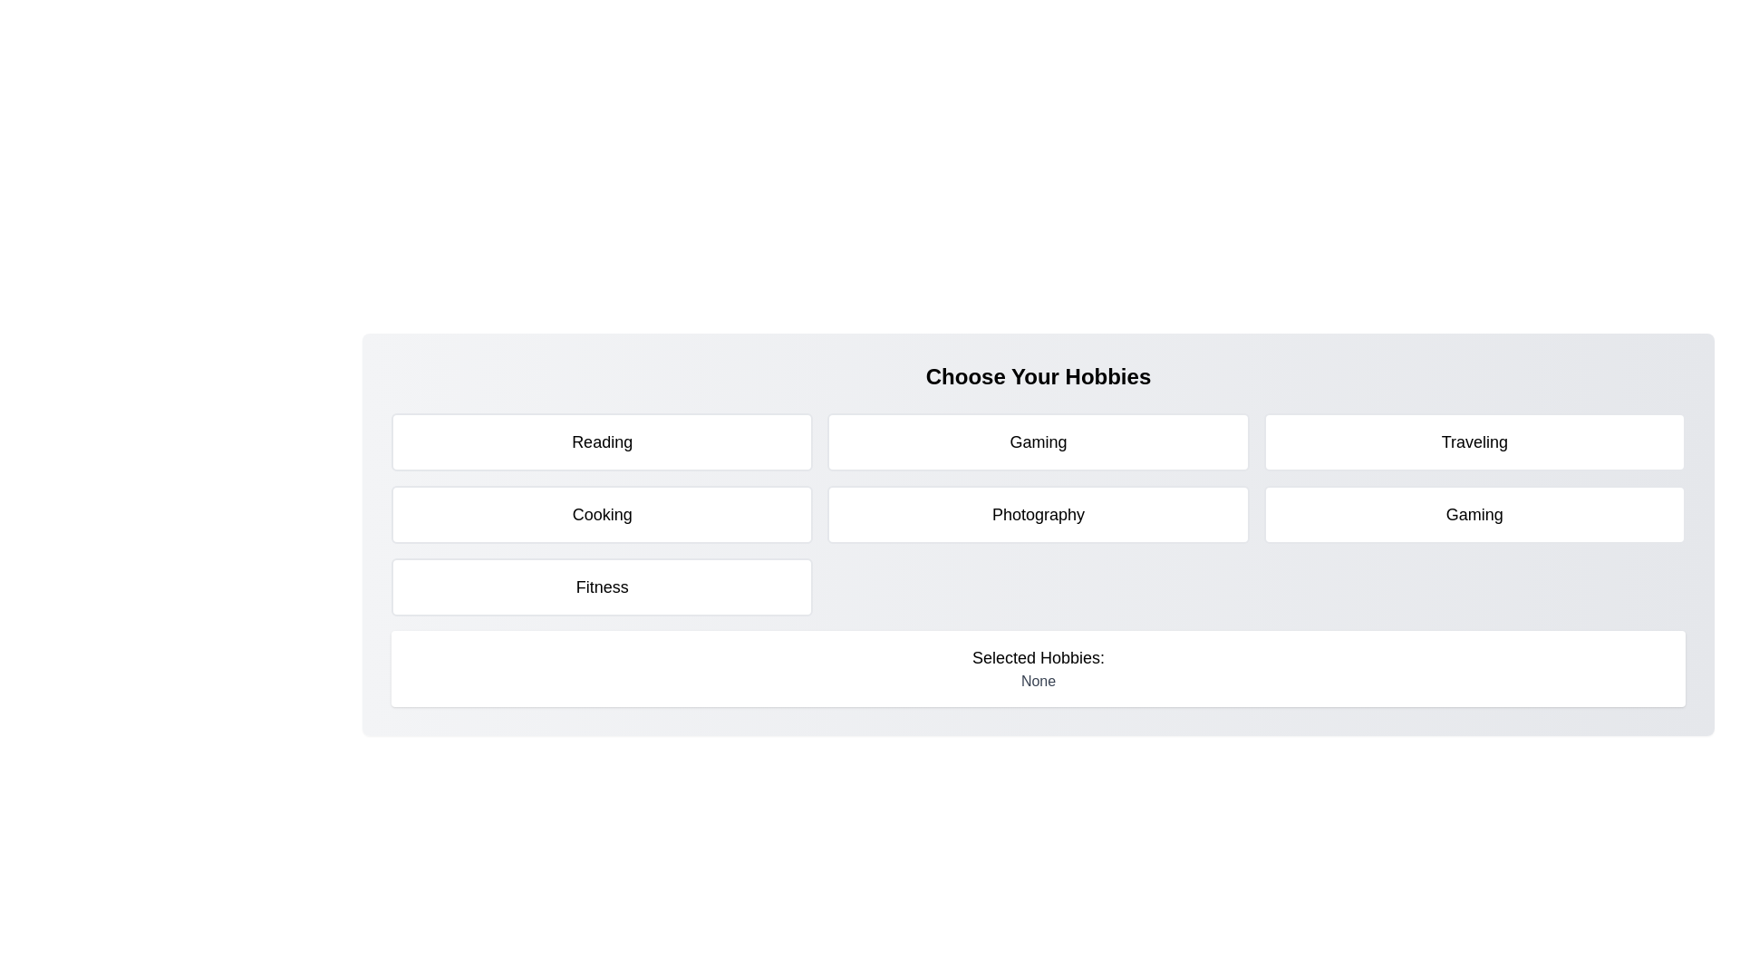 The height and width of the screenshot is (979, 1740). I want to click on the tile representing the hobby Photography to toggle its selection, so click(1039, 514).